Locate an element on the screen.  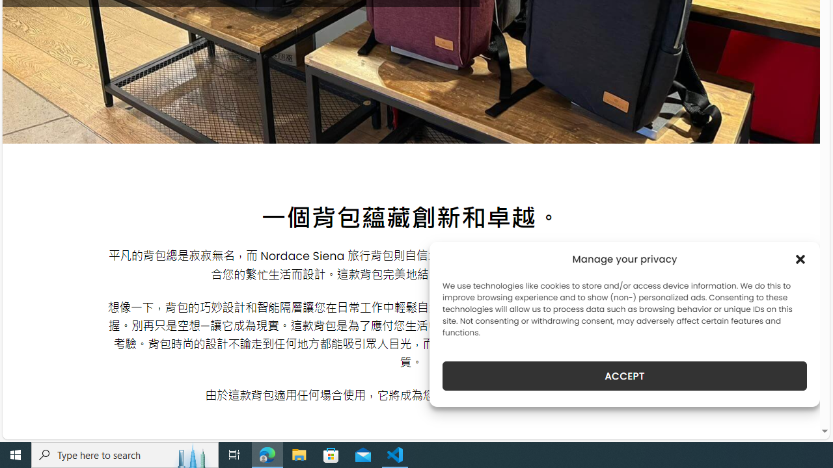
'ACCEPT' is located at coordinates (625, 376).